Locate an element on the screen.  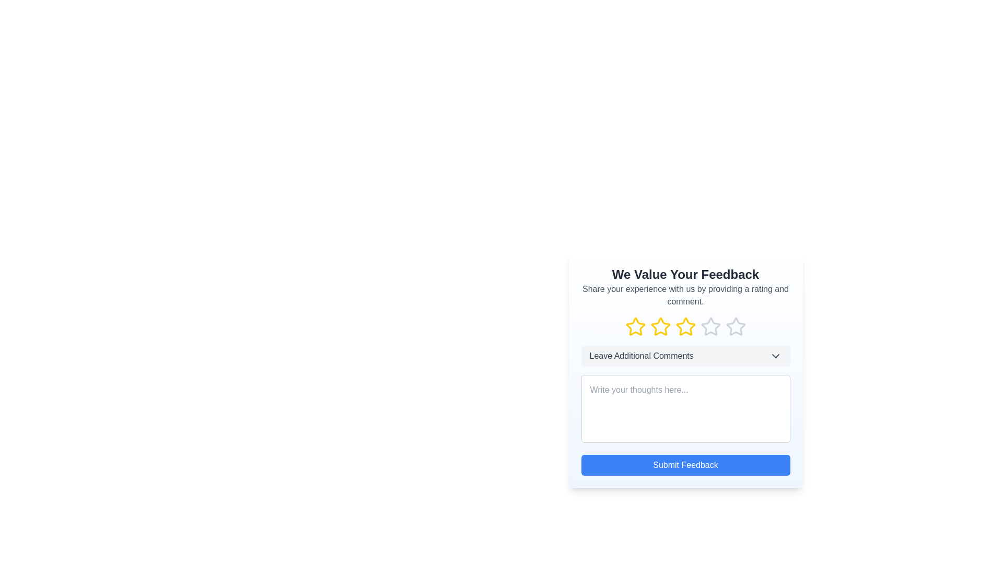
the fifth star-shaped rating icon, which is styled with a gray outline and changes to yellow on hover is located at coordinates (735, 326).